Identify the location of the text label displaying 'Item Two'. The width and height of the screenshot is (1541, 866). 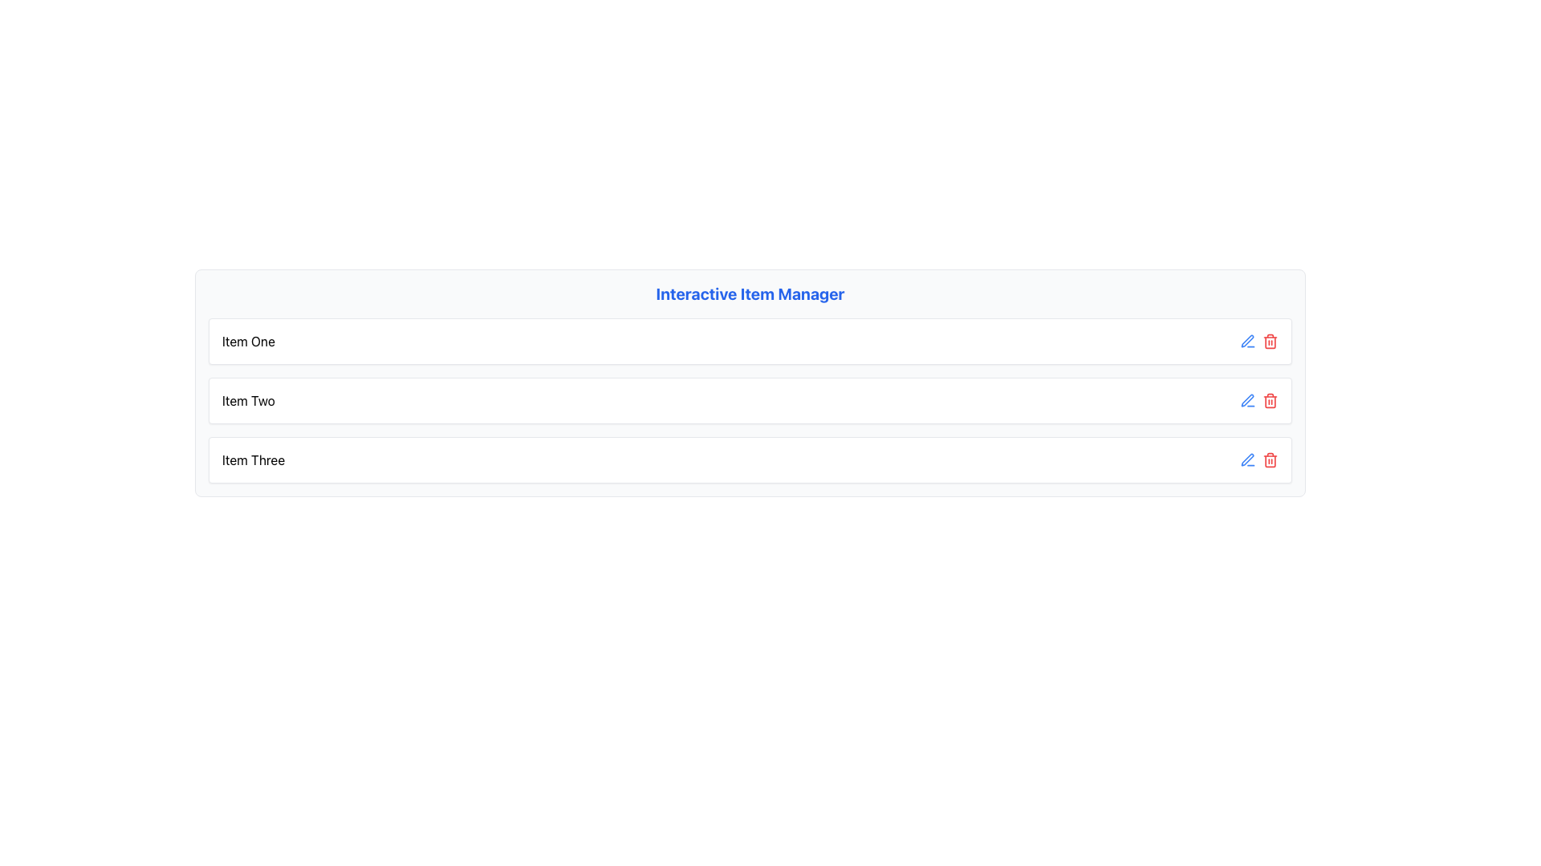
(247, 400).